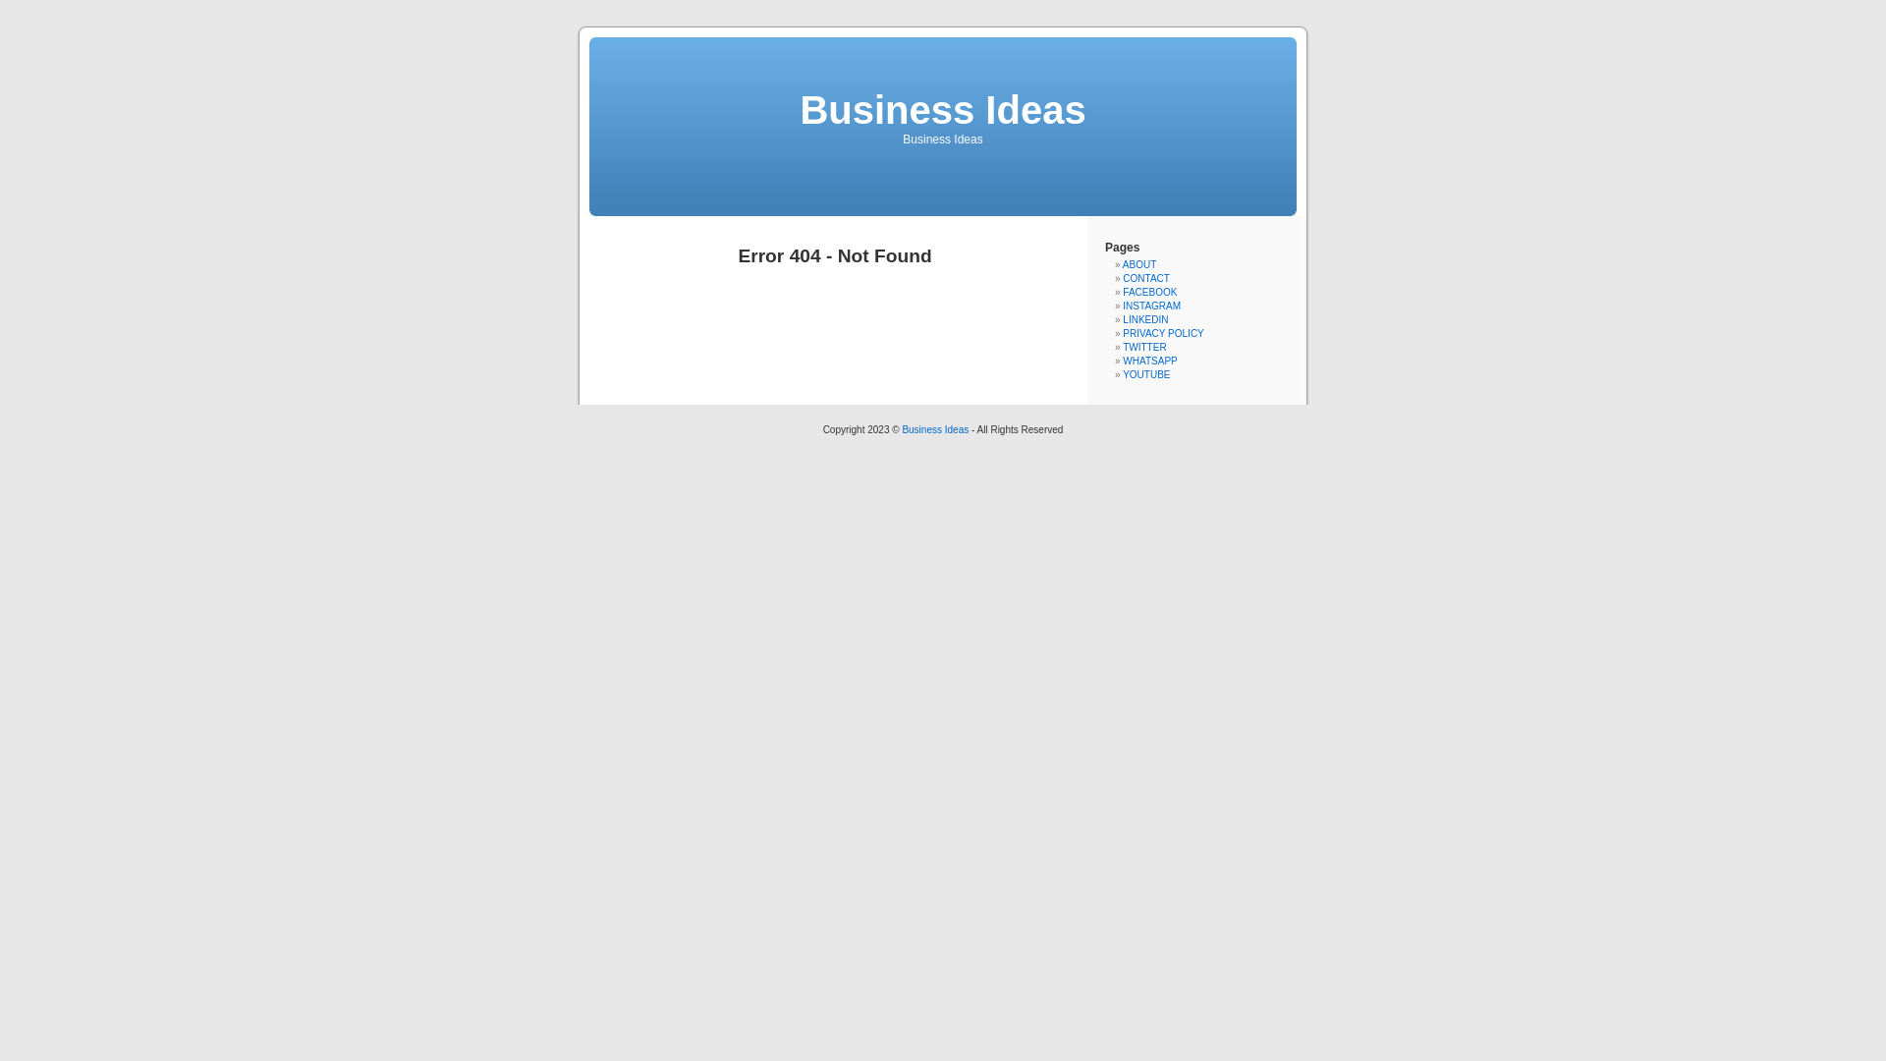 The width and height of the screenshot is (1886, 1061). I want to click on 'Business Ideas', so click(941, 109).